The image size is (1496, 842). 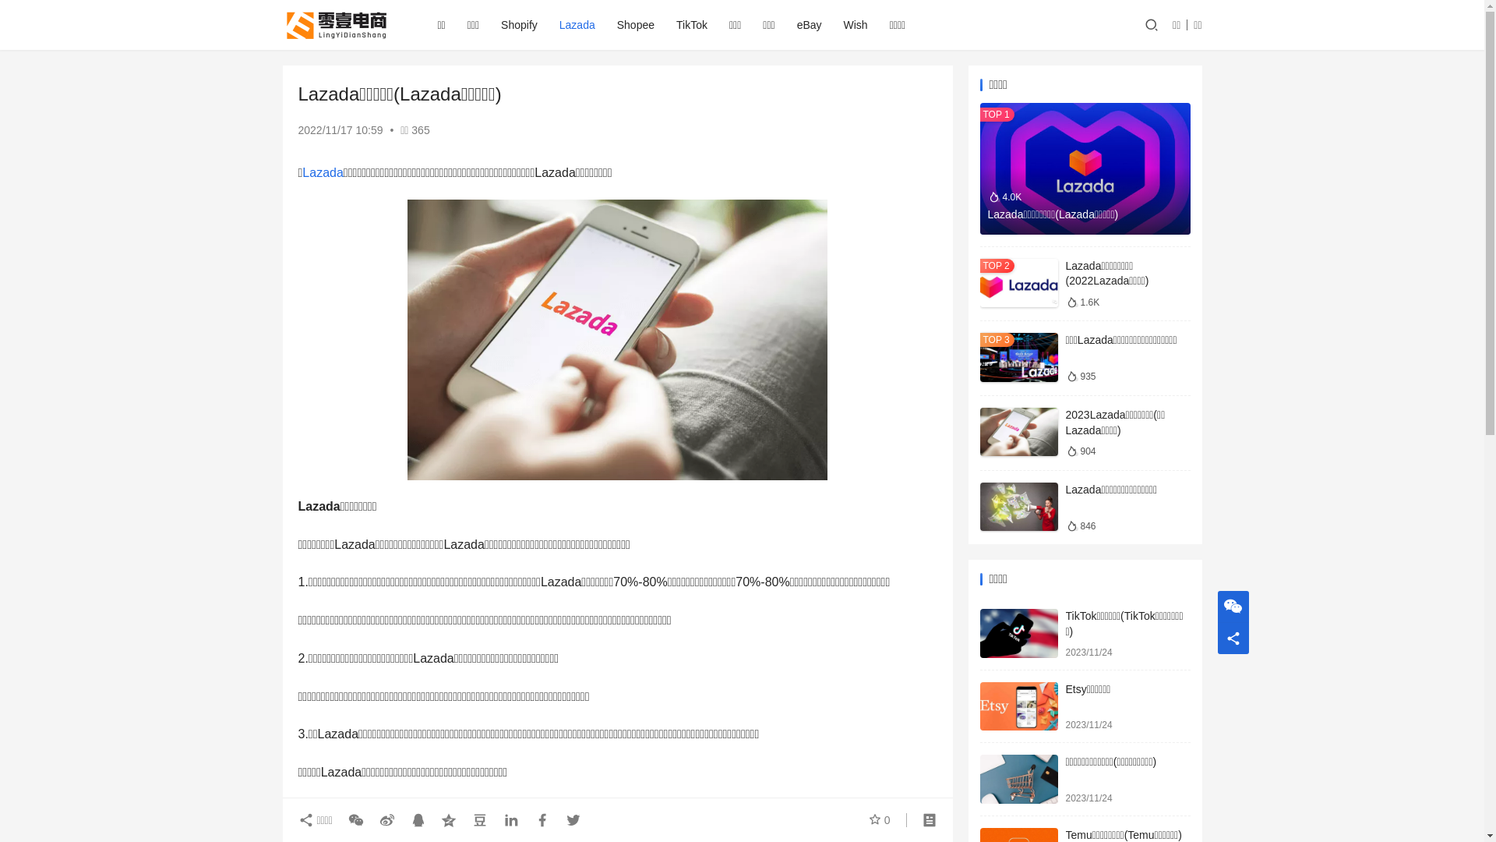 What do you see at coordinates (855, 24) in the screenshot?
I see `'Wish'` at bounding box center [855, 24].